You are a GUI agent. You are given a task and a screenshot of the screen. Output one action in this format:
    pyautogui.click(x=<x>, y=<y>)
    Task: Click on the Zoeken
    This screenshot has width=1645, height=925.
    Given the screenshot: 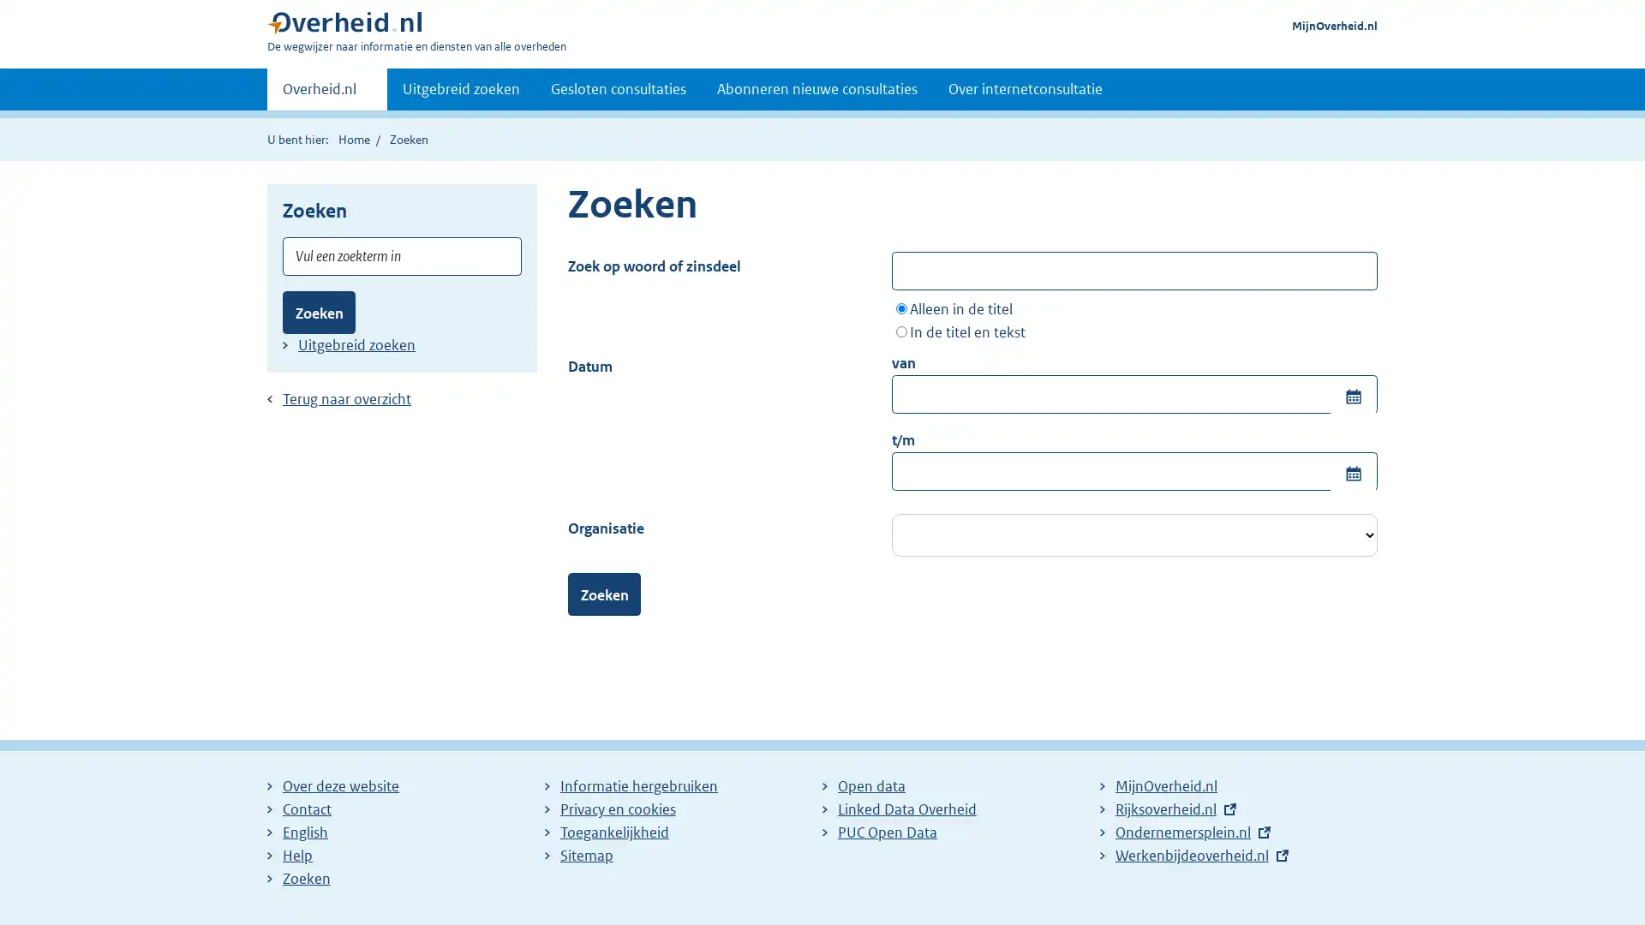 What is the action you would take?
    pyautogui.click(x=319, y=312)
    